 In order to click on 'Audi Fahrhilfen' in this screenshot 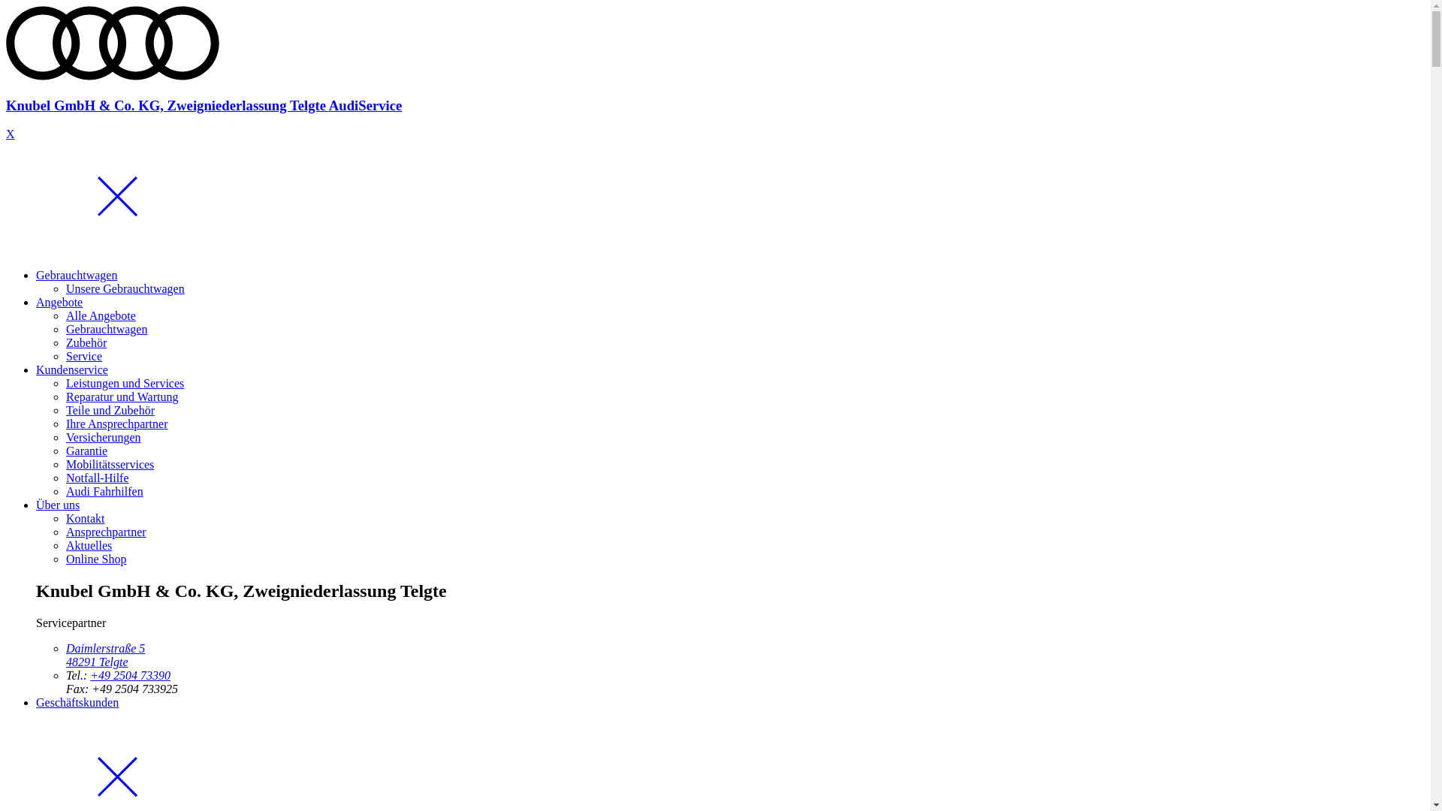, I will do `click(104, 491)`.